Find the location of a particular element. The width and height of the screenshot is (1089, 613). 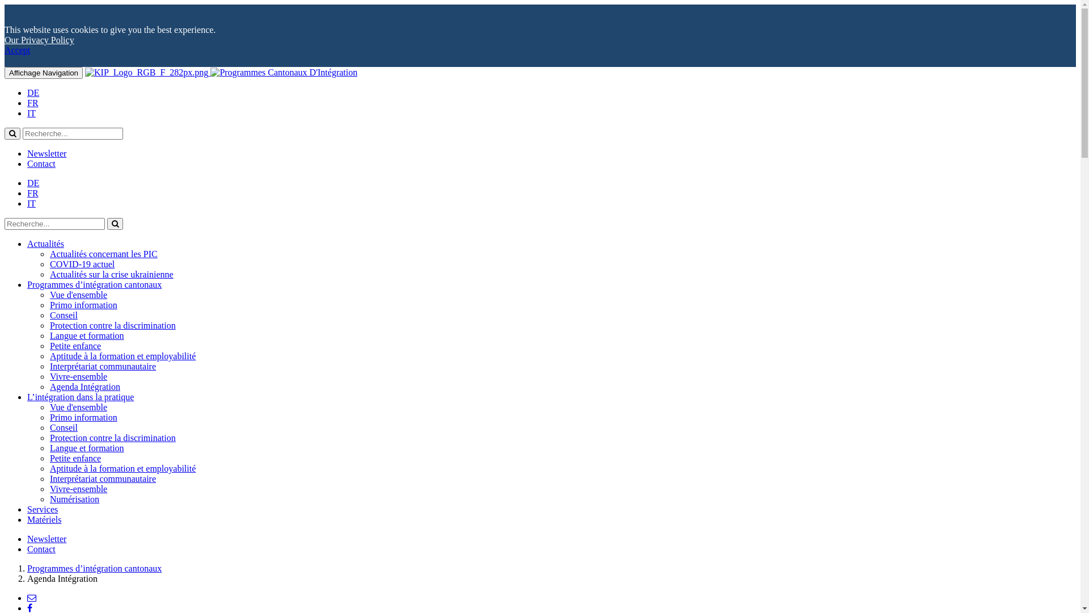

'Our Privacy Policy' is located at coordinates (39, 39).